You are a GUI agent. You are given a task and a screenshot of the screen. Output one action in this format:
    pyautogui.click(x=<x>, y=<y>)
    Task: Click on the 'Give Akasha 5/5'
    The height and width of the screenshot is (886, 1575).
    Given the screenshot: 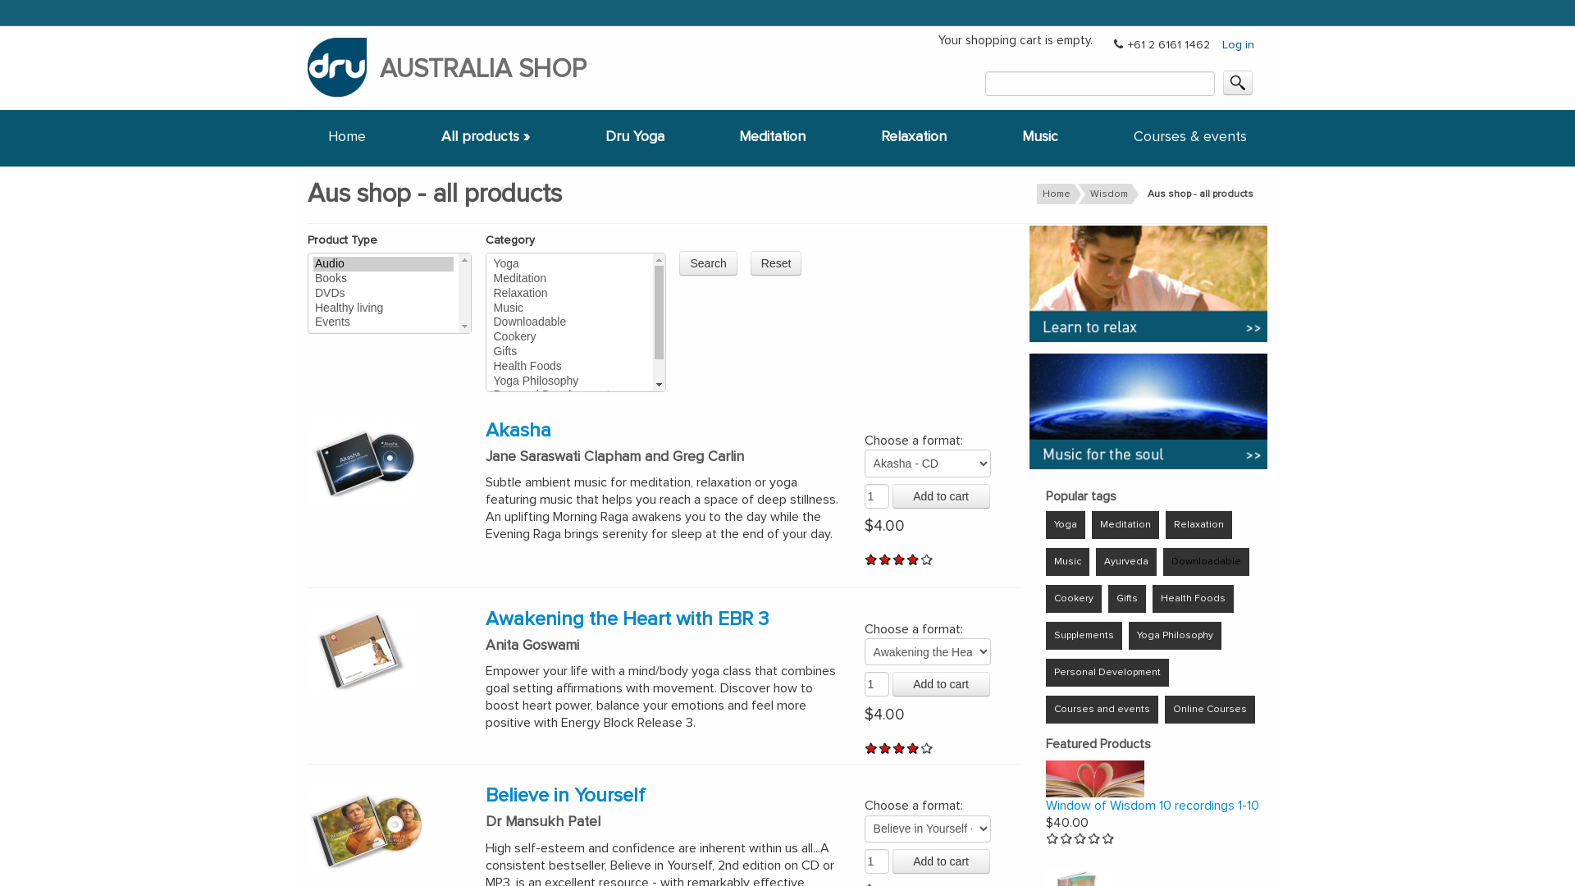 What is the action you would take?
    pyautogui.click(x=920, y=558)
    